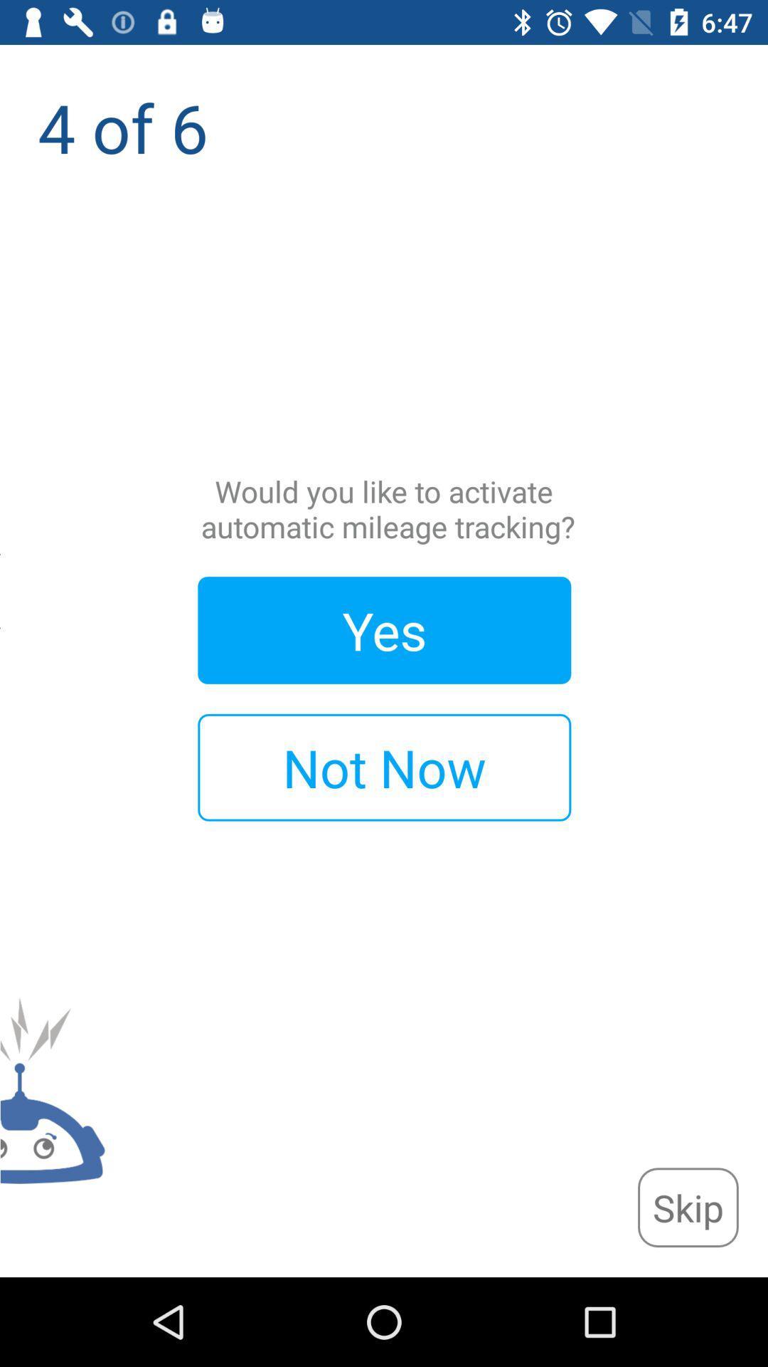 This screenshot has width=768, height=1367. What do you see at coordinates (384, 767) in the screenshot?
I see `not now item` at bounding box center [384, 767].